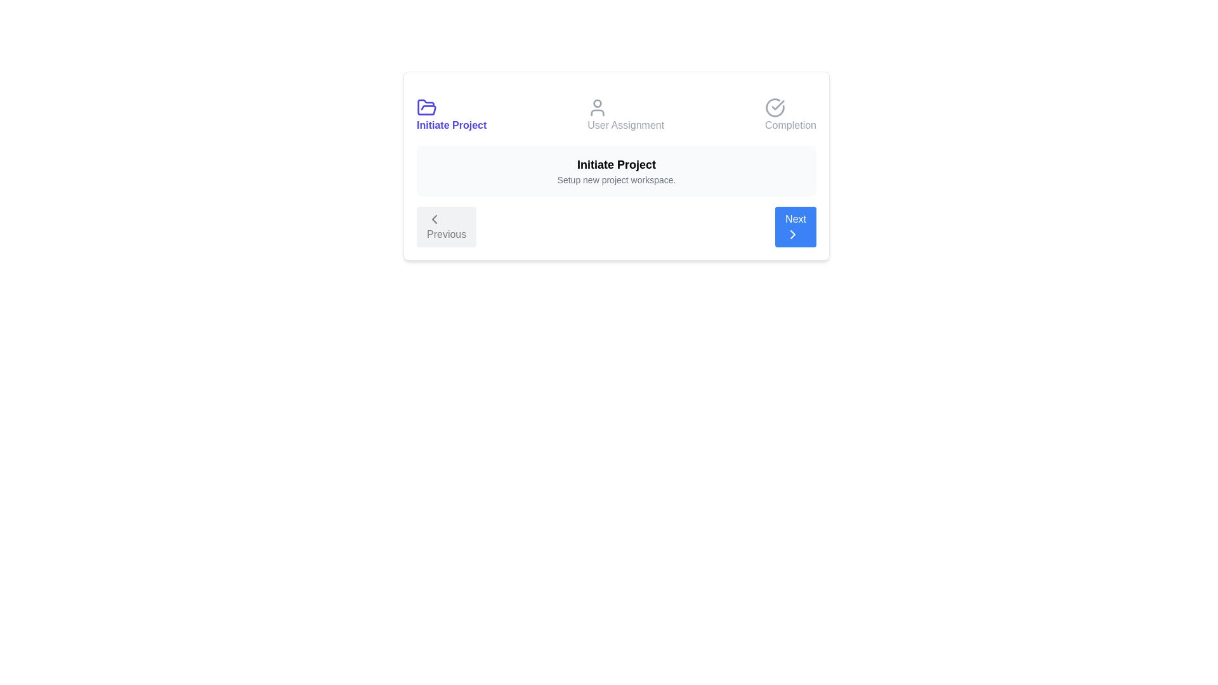  Describe the element at coordinates (451, 115) in the screenshot. I see `the active stage's title to observe its details` at that location.